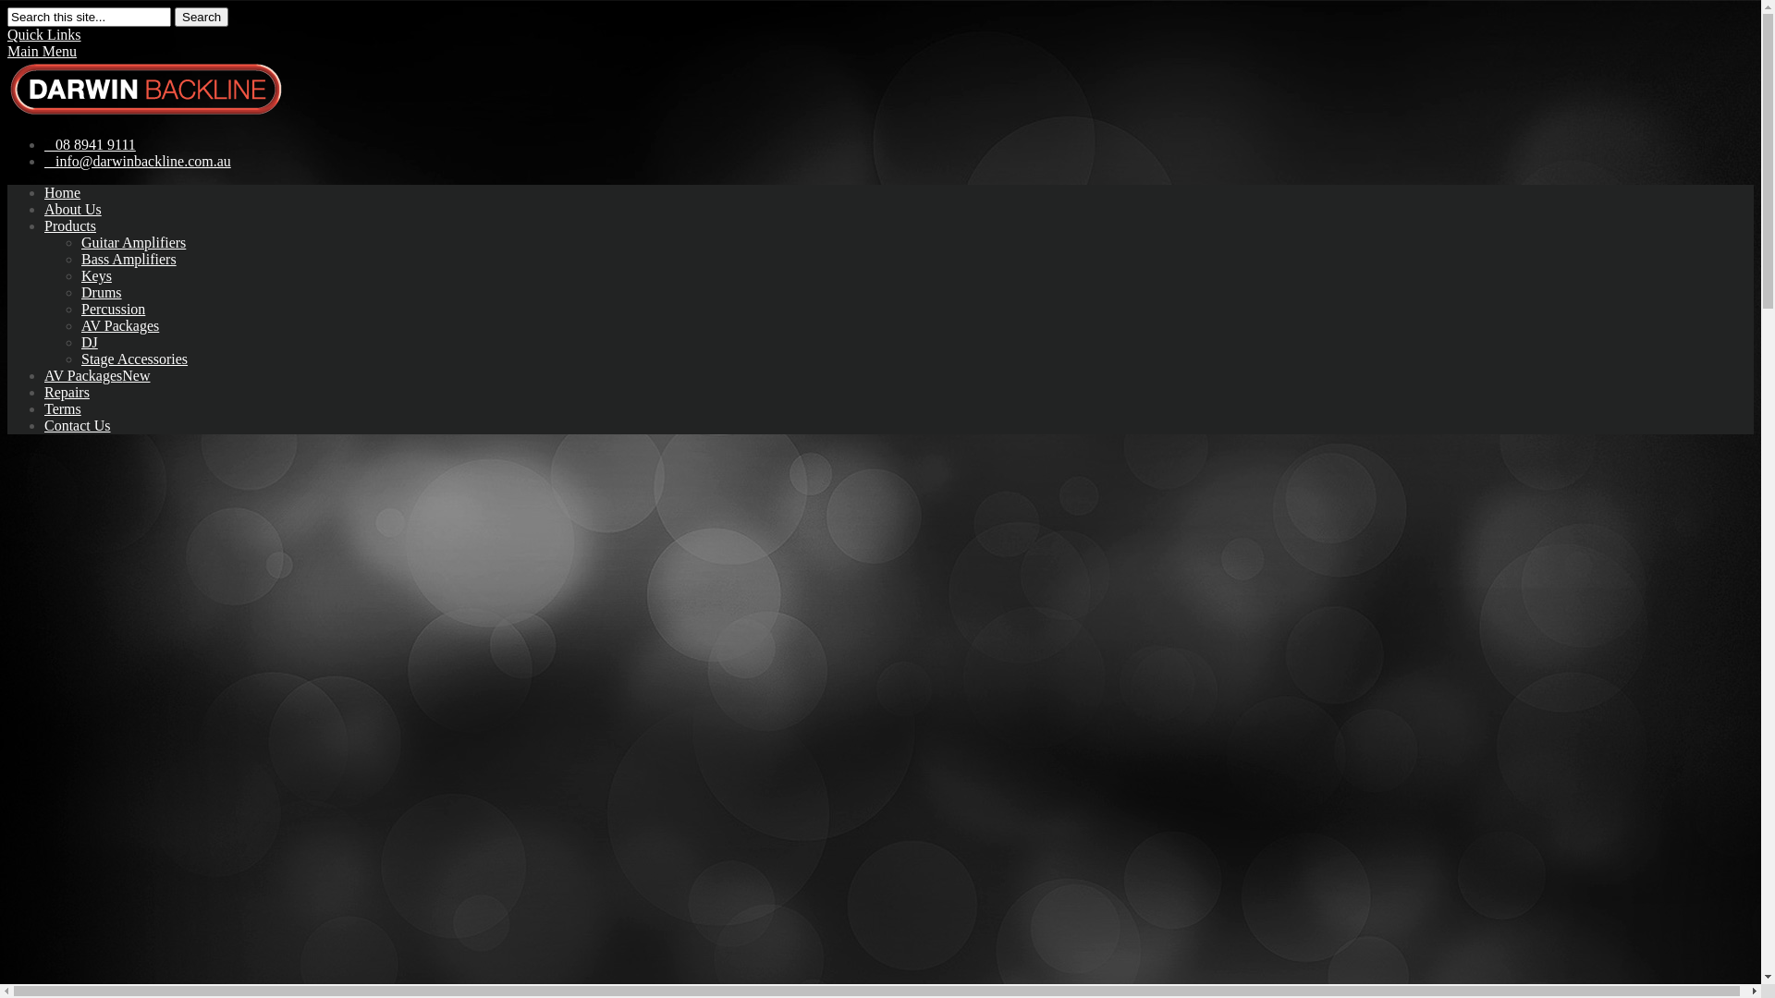 The image size is (1775, 998). I want to click on 'Percussion', so click(112, 308).